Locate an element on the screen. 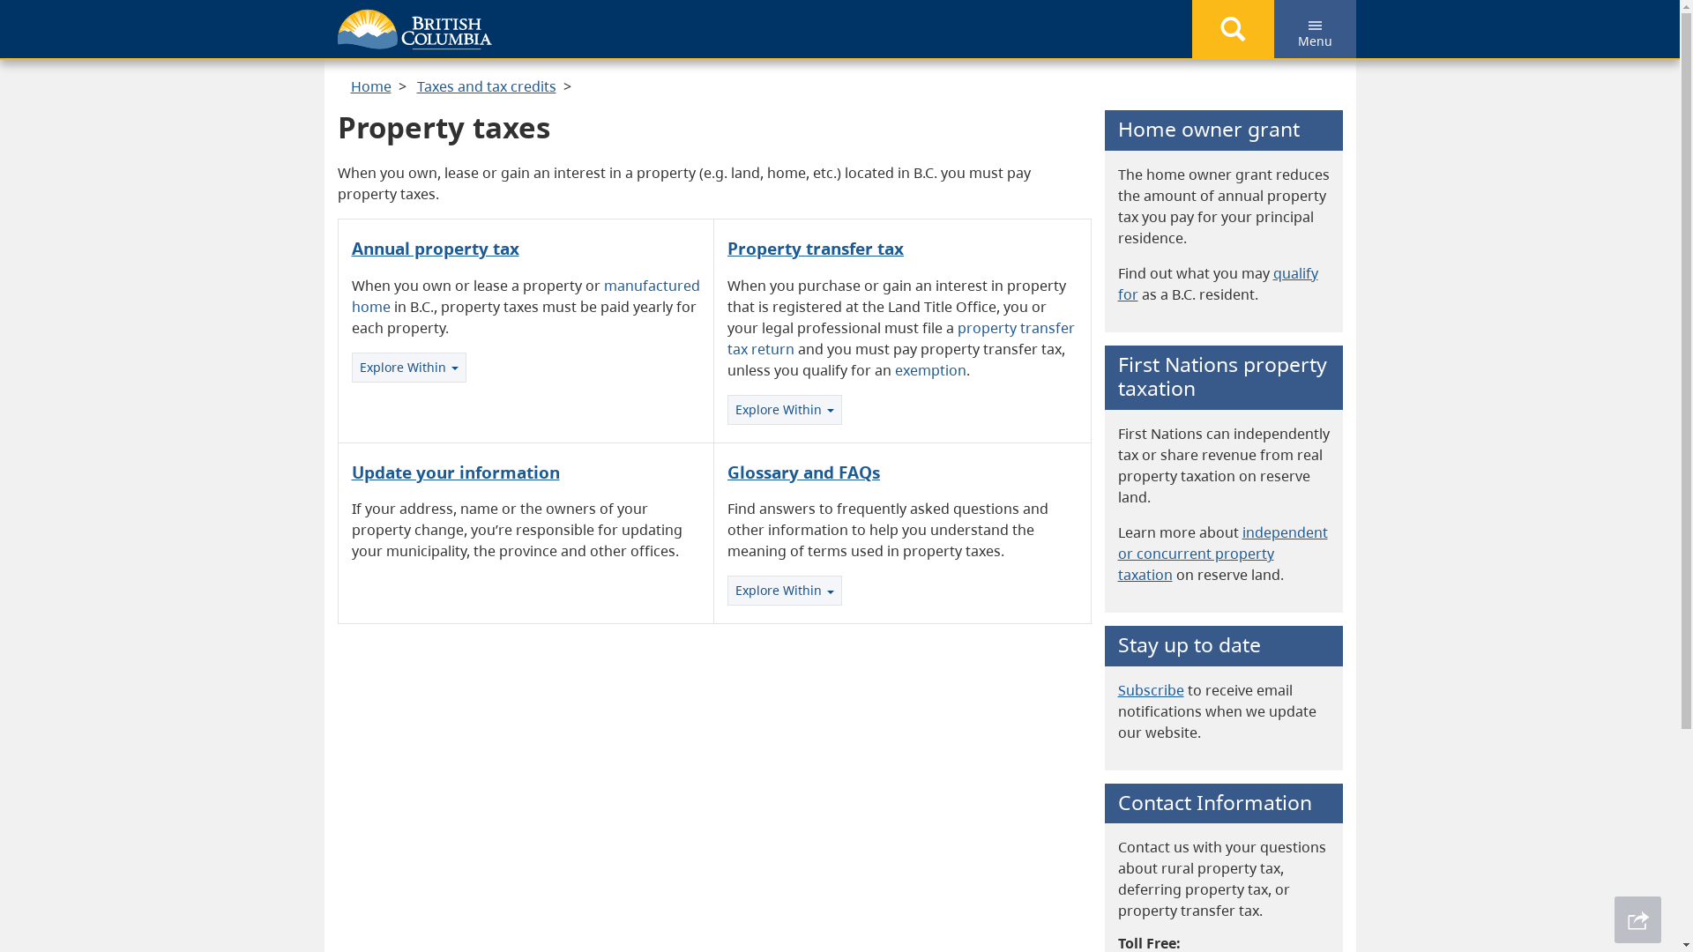 Image resolution: width=1693 pixels, height=952 pixels. 'Annual property tax' is located at coordinates (435, 248).